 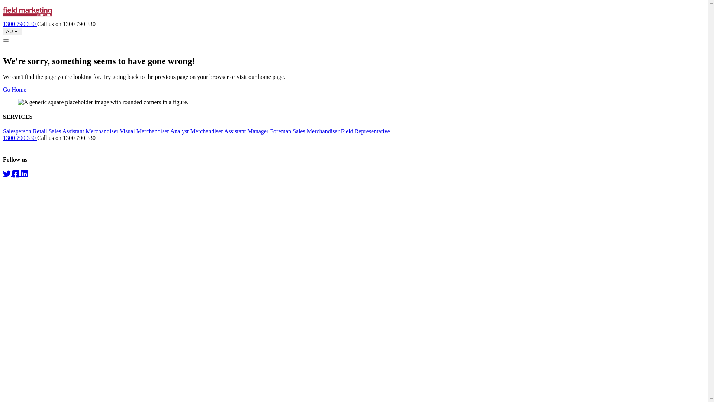 I want to click on 'Retail Sales Assistant', so click(x=32, y=131).